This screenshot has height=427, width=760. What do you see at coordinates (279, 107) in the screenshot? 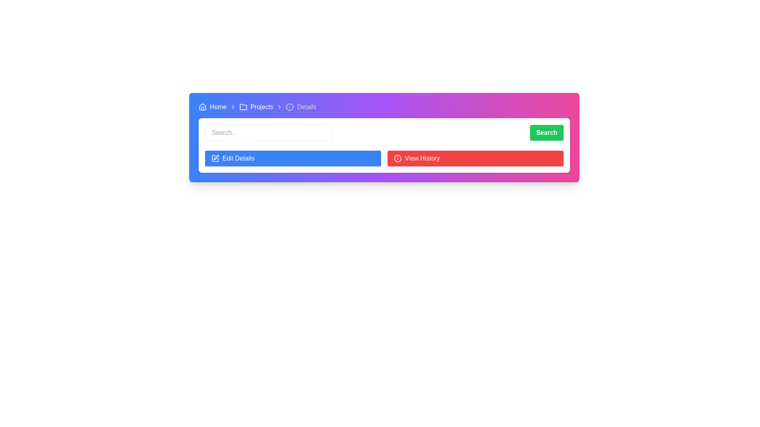
I see `the right-pointing chevron arrow icon in the breadcrumb navigation, positioned between 'Projects' and 'Details'` at bounding box center [279, 107].